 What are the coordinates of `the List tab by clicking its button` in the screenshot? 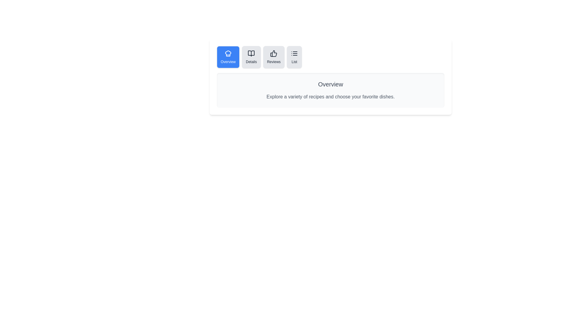 It's located at (294, 57).